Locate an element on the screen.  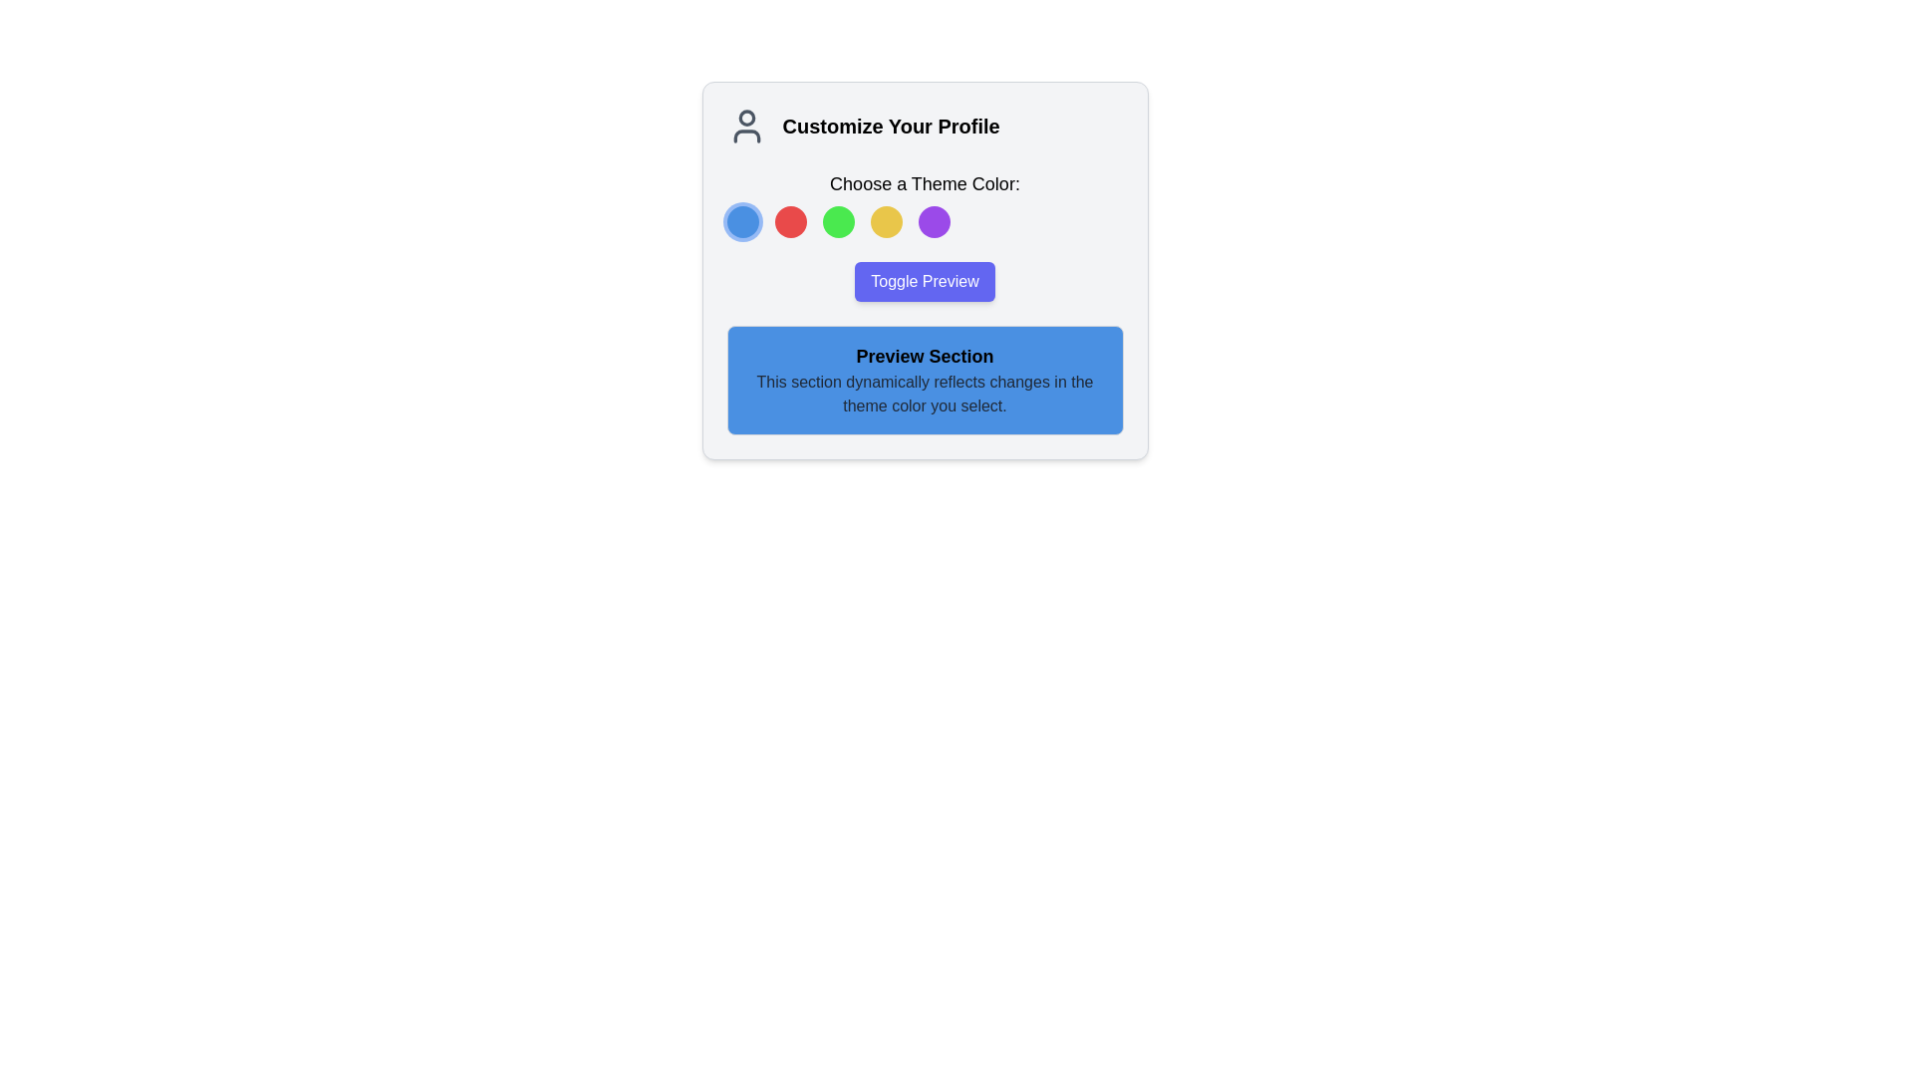
the red theme color selection button using keyboard navigation is located at coordinates (789, 222).